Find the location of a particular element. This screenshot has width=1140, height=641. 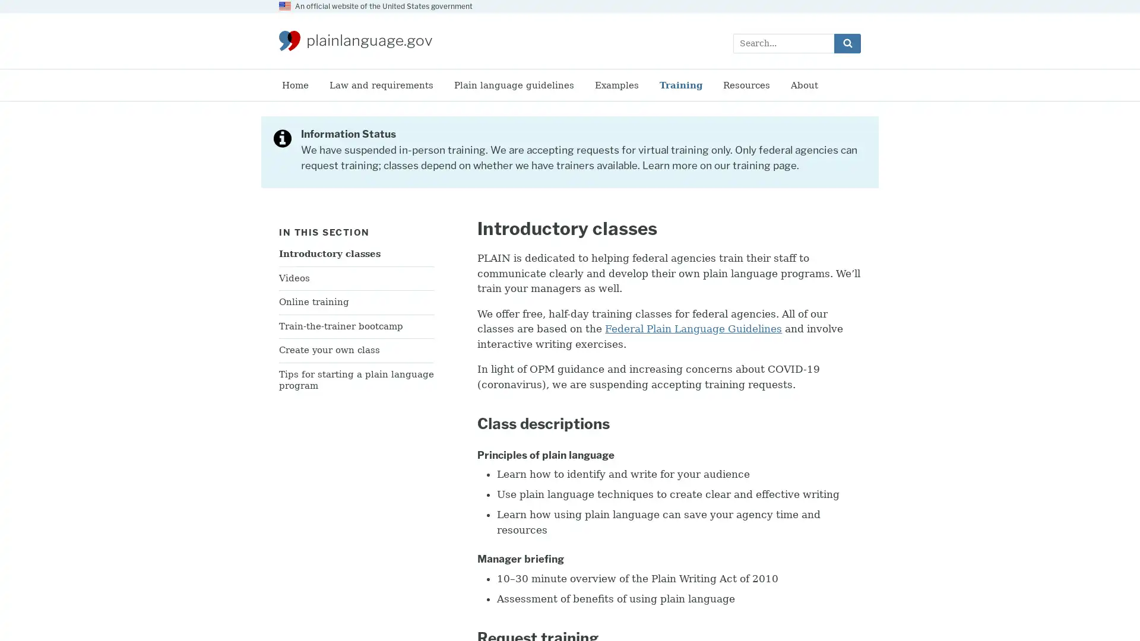

Search is located at coordinates (847, 42).